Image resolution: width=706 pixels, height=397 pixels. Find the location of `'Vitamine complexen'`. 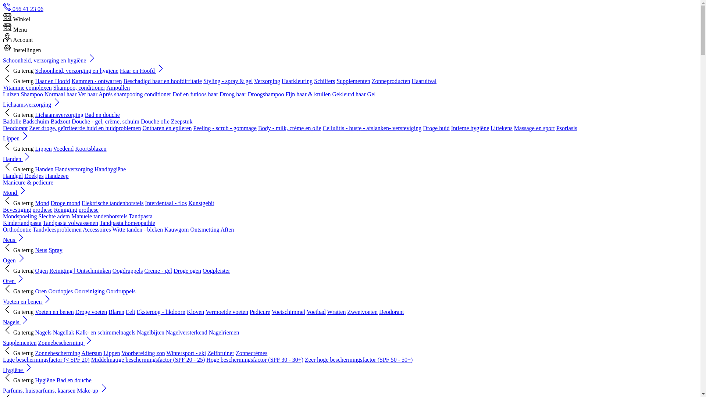

'Vitamine complexen' is located at coordinates (3, 87).